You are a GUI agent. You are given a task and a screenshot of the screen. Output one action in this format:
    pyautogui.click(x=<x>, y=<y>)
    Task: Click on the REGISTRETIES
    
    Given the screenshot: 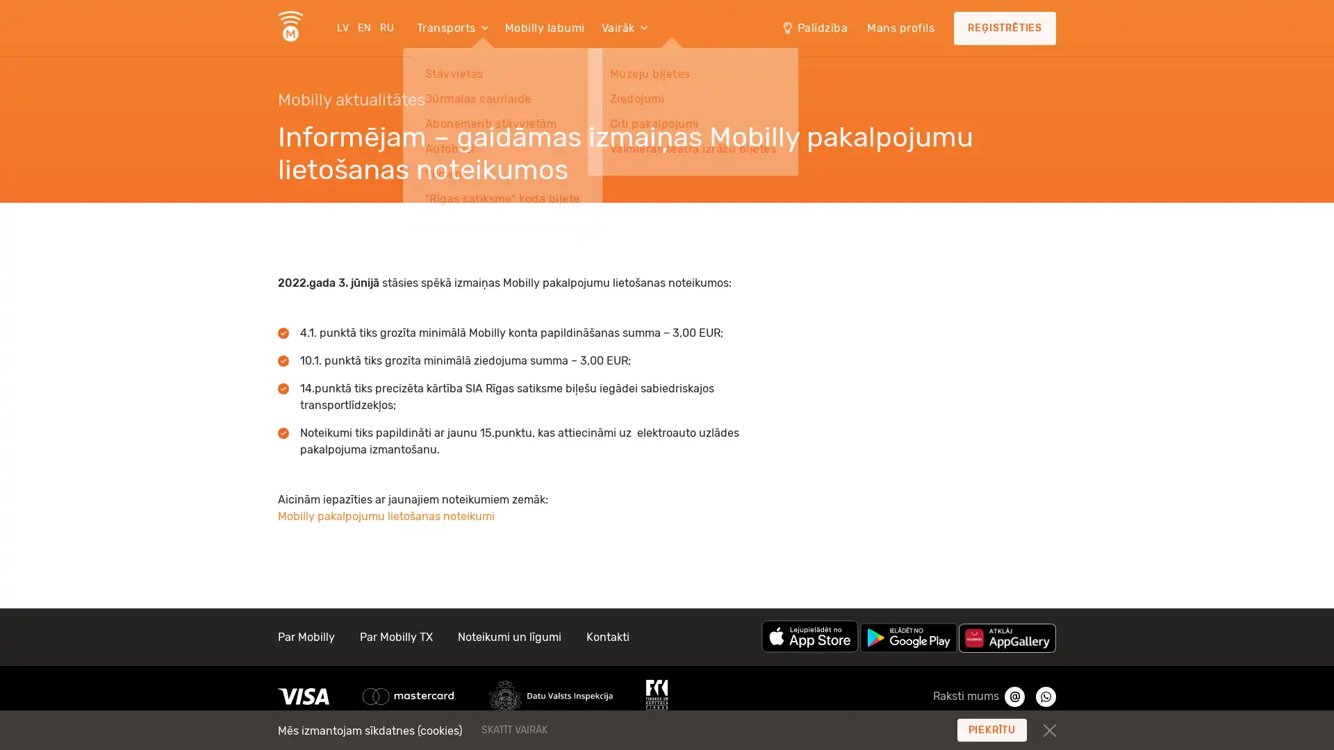 What is the action you would take?
    pyautogui.click(x=1005, y=28)
    